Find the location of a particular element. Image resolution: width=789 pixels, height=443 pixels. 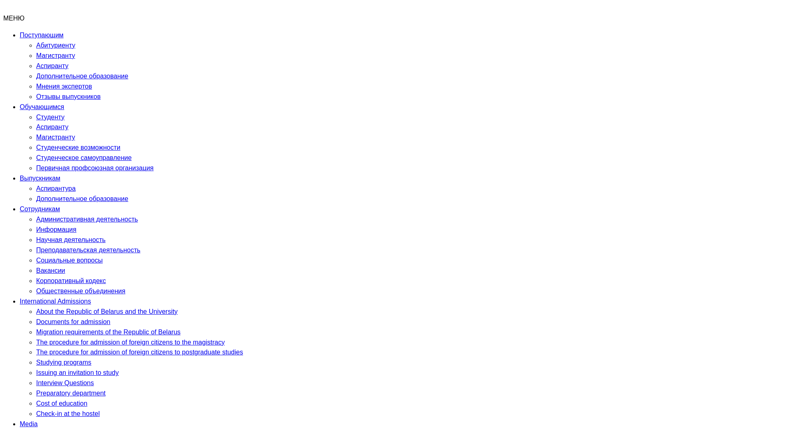

'Media' is located at coordinates (29, 424).